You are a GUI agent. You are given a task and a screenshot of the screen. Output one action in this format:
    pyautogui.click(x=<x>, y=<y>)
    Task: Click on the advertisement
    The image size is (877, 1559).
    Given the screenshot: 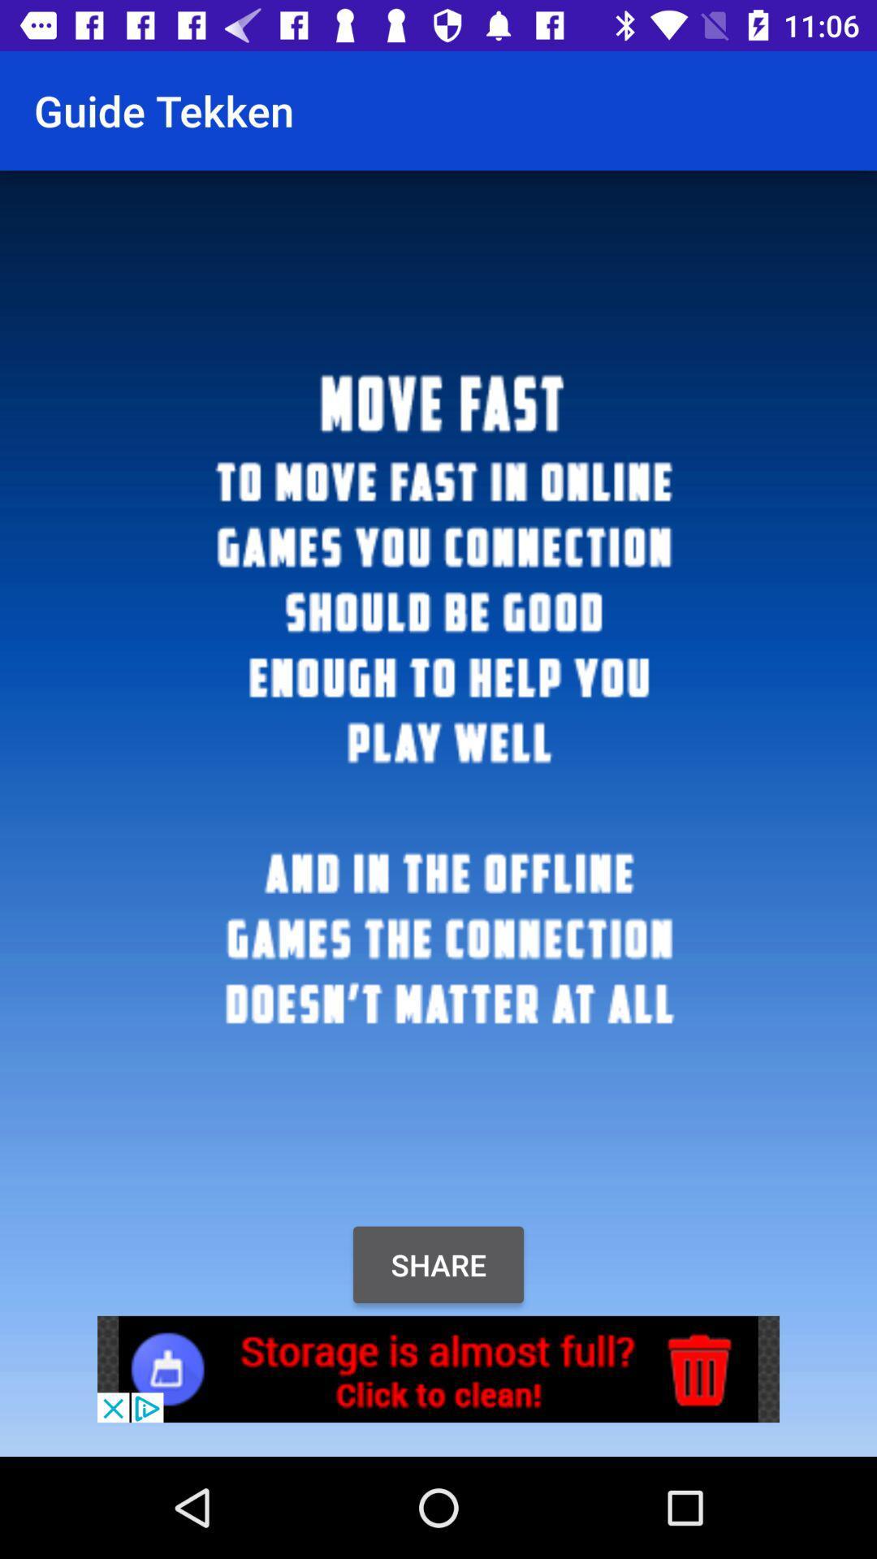 What is the action you would take?
    pyautogui.click(x=438, y=1368)
    